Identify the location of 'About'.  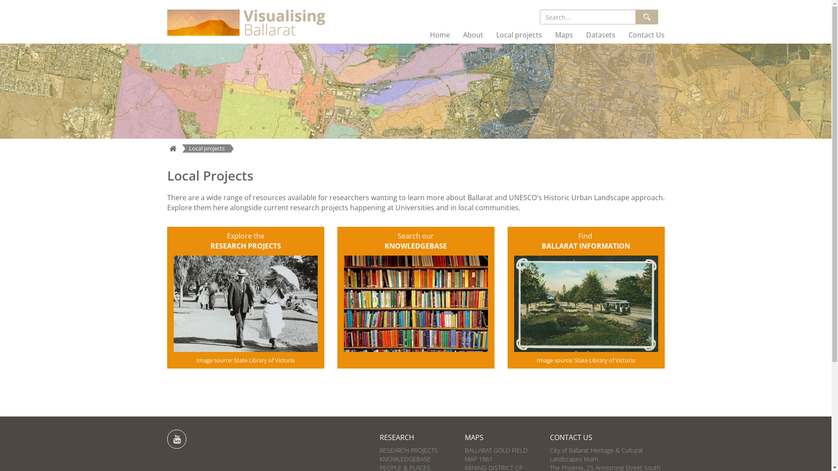
(456, 34).